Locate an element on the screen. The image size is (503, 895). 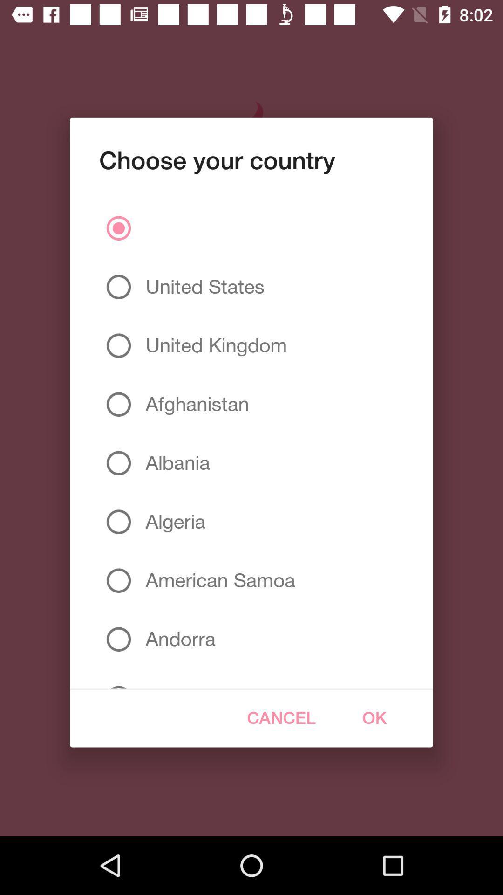
the item next to ok is located at coordinates (281, 717).